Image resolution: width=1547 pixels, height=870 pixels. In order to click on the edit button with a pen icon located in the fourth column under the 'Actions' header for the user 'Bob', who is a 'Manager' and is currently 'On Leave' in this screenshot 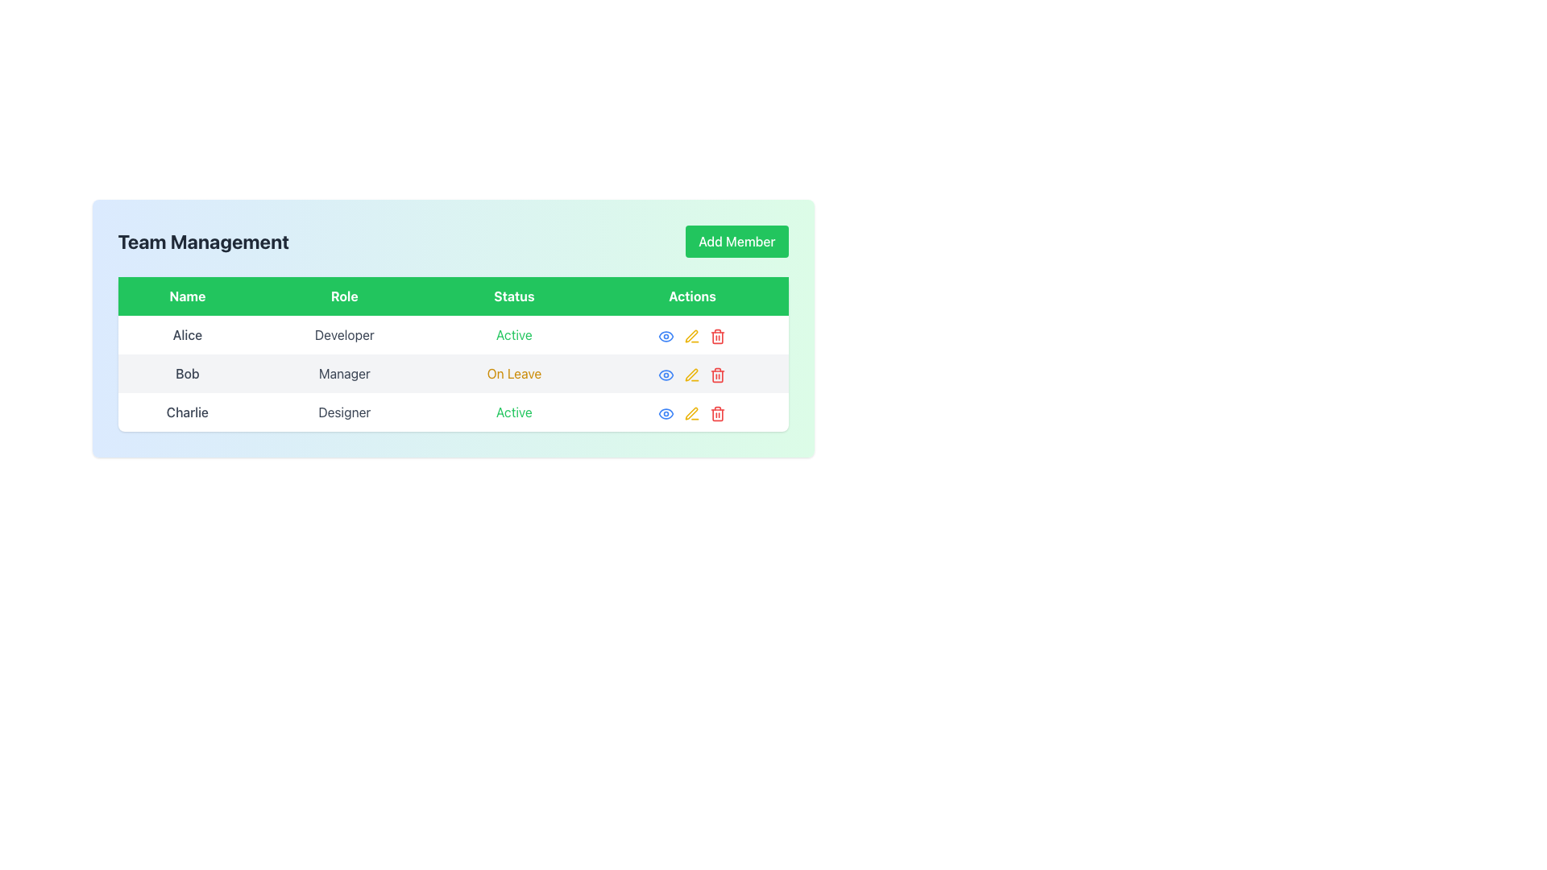, I will do `click(692, 373)`.